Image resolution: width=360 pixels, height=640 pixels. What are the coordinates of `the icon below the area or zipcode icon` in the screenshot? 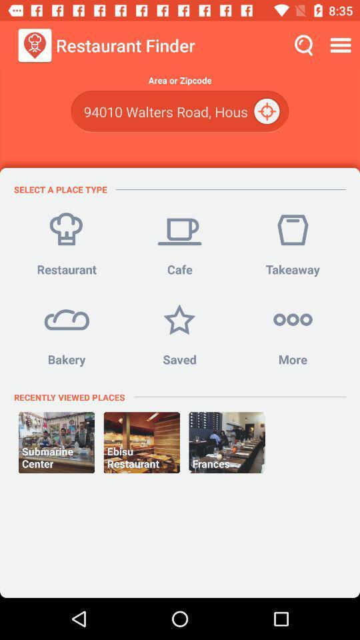 It's located at (268, 111).